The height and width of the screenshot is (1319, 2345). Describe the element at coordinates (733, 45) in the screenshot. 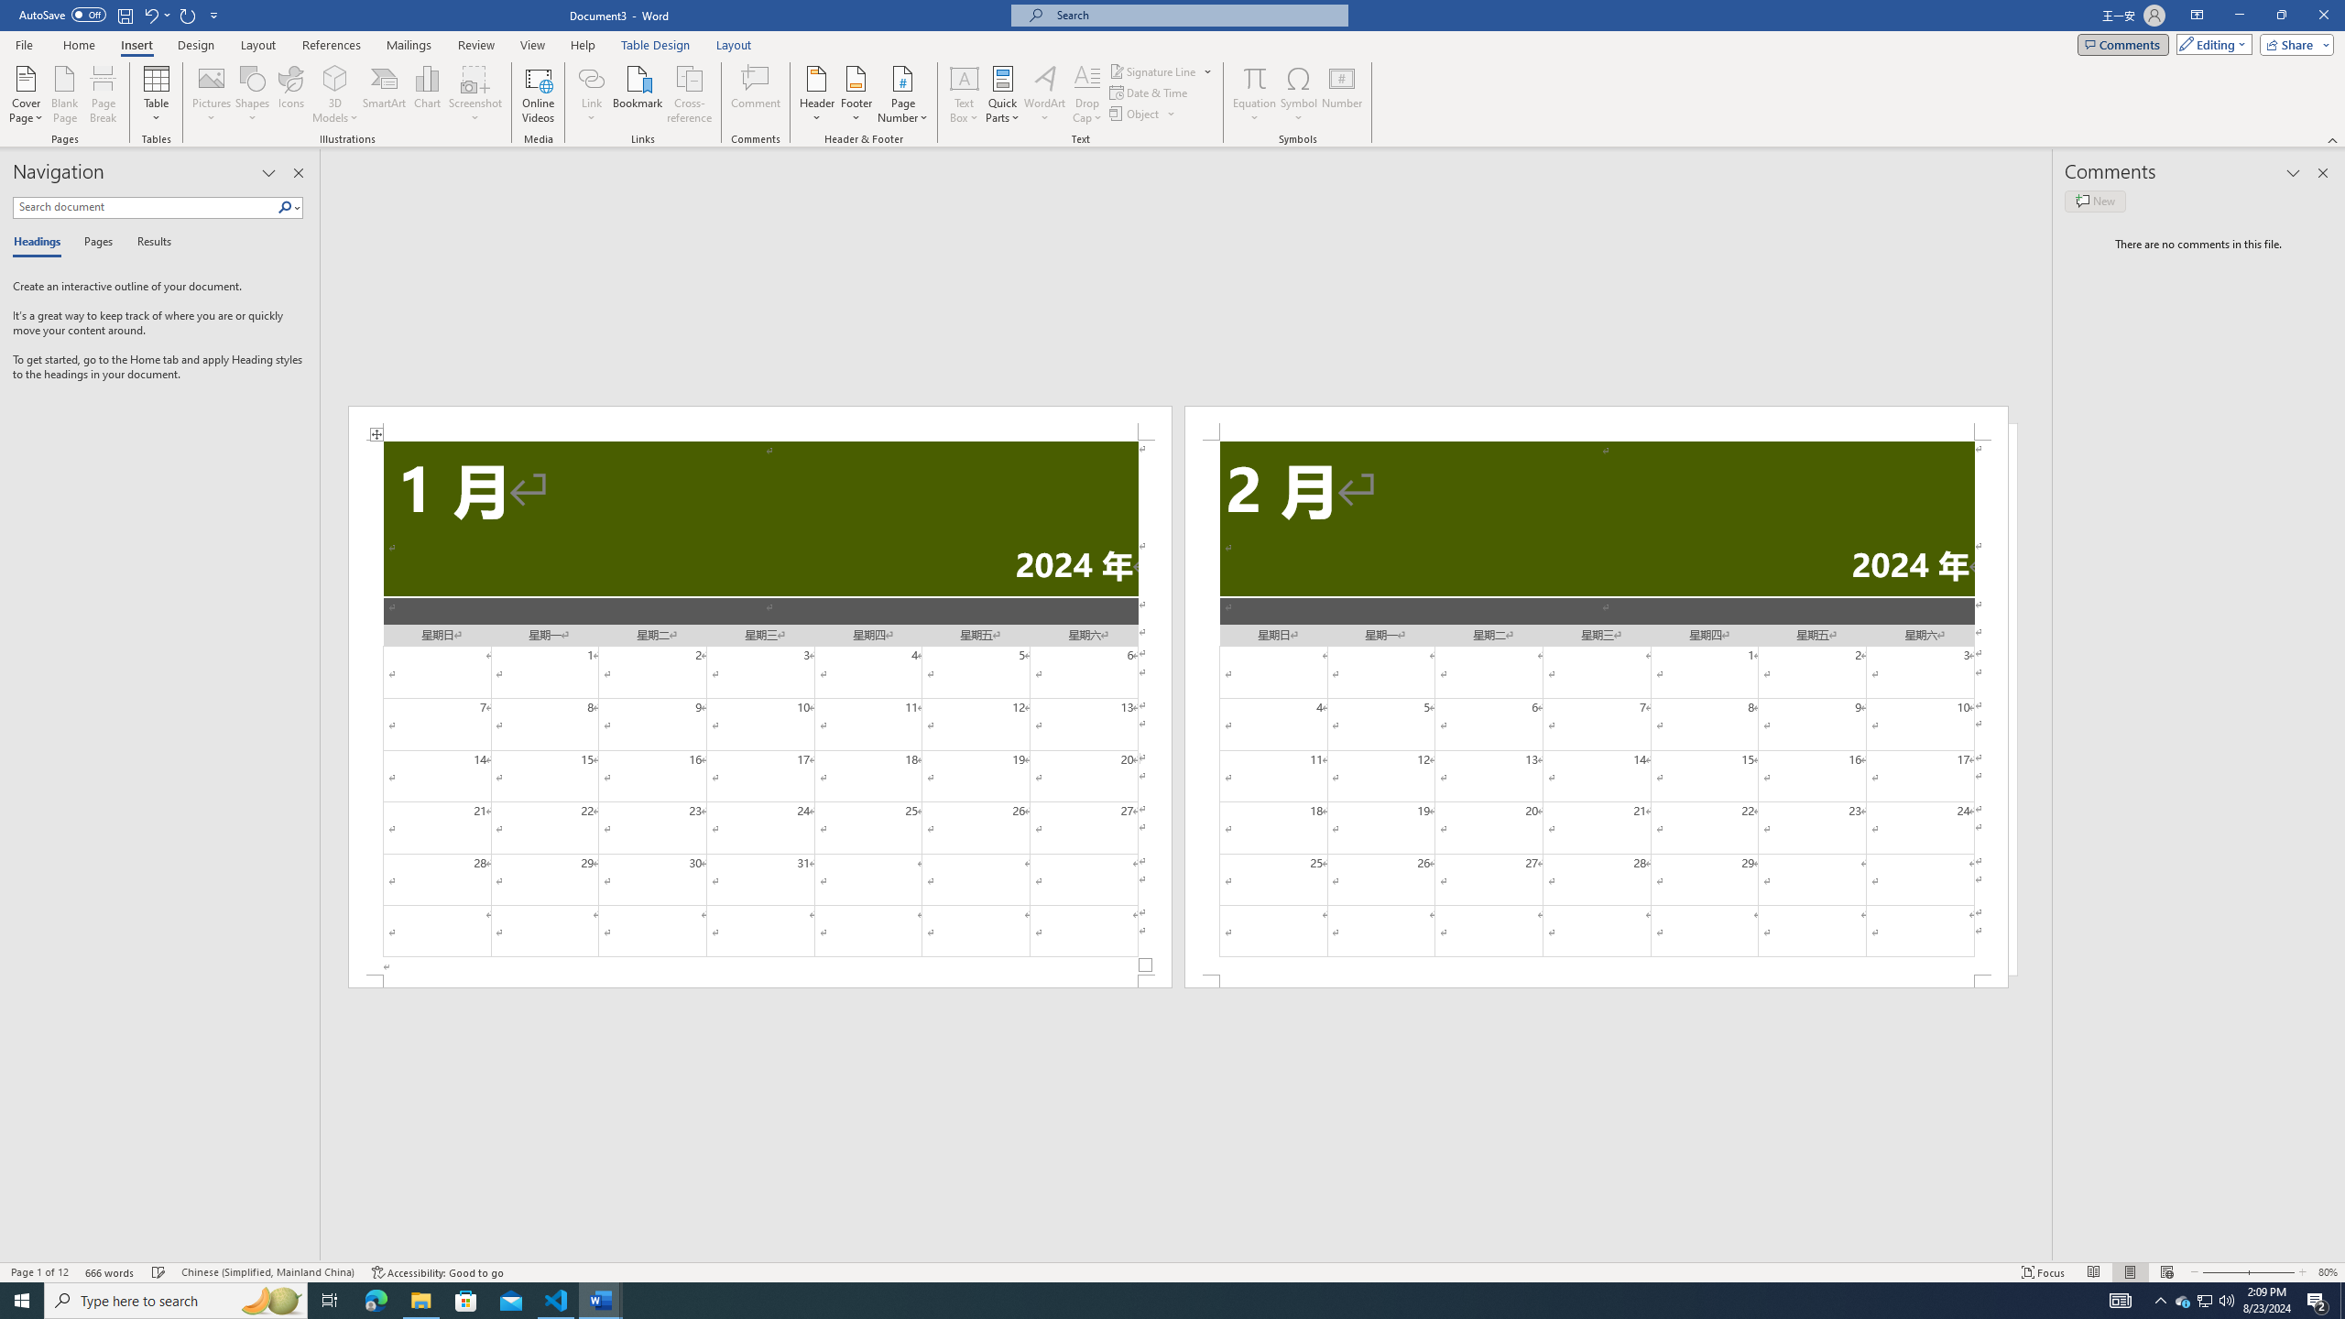

I see `'Layout'` at that location.